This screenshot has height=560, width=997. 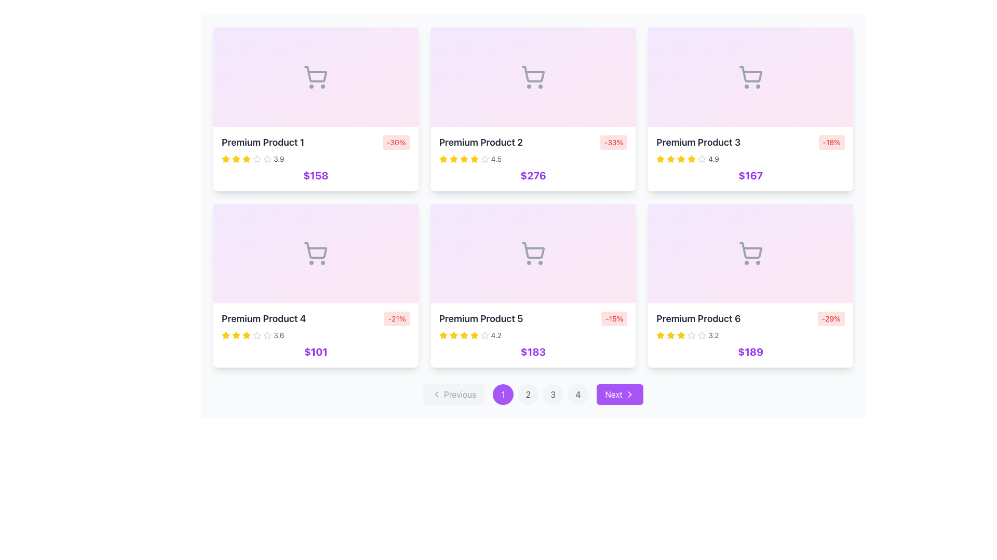 What do you see at coordinates (279, 335) in the screenshot?
I see `the static text displaying the numerical rating value for the product, located immediately after the six star icons in the rating section of the card for 'Premium Product 4'` at bounding box center [279, 335].